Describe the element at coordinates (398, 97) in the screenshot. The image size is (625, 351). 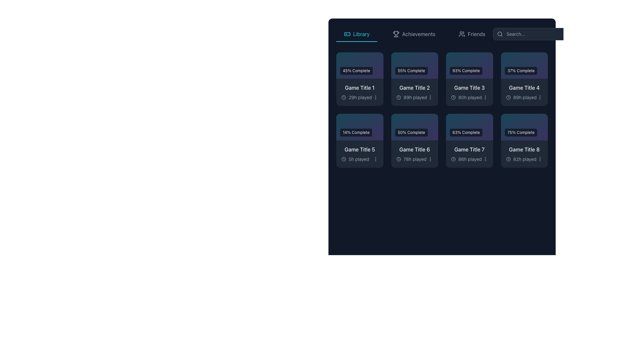
I see `the clock icon located to the immediate left of the text '89h played' in the summary information of 'Game Title 2'` at that location.